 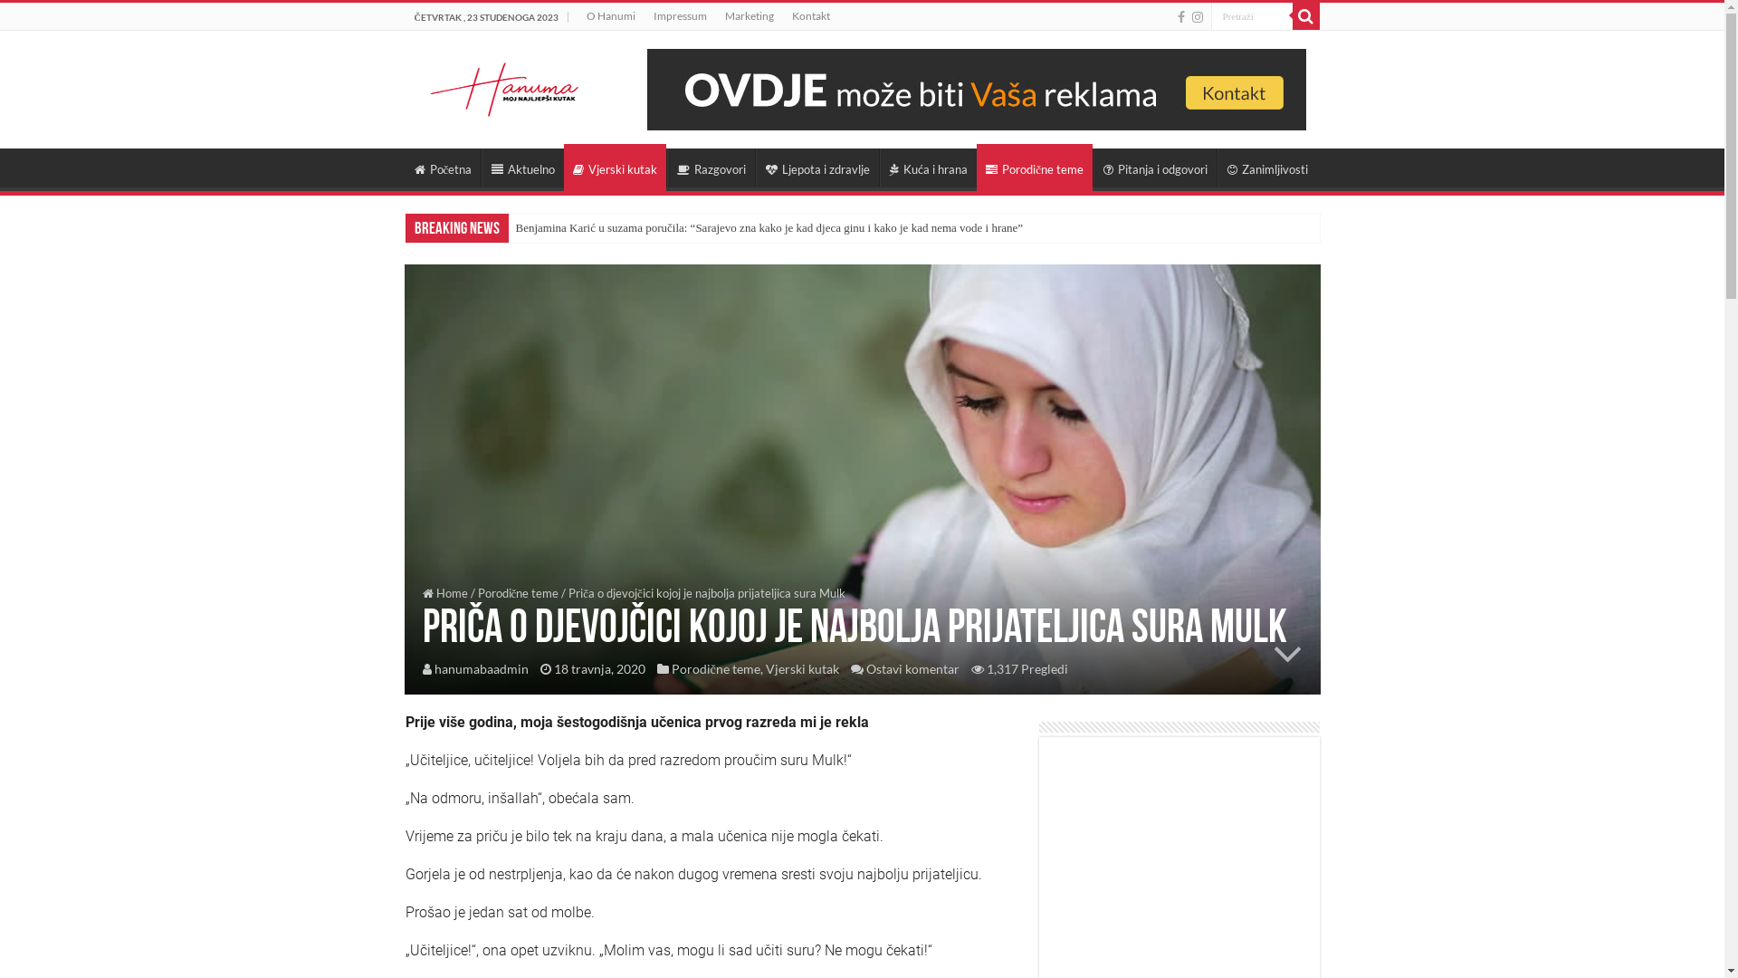 I want to click on 'Zanimljivosti', so click(x=1217, y=168).